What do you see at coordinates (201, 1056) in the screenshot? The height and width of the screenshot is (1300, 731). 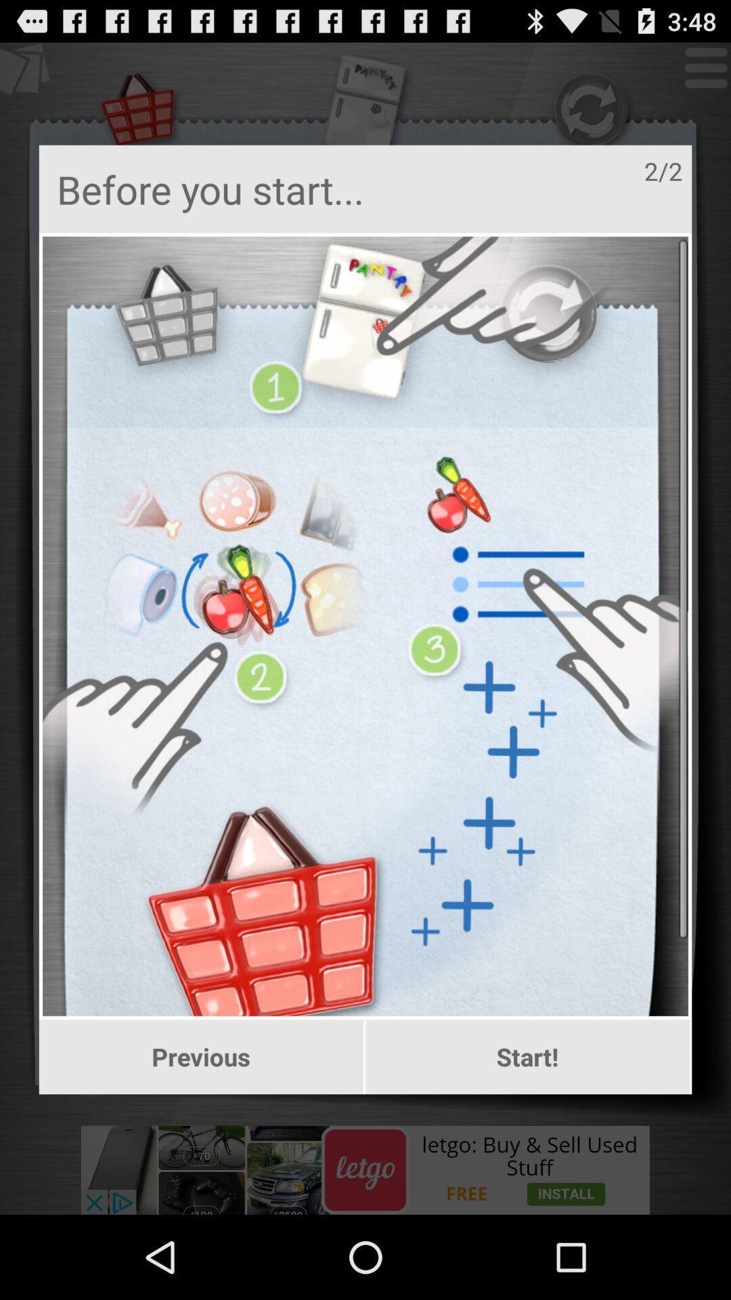 I see `previous item` at bounding box center [201, 1056].